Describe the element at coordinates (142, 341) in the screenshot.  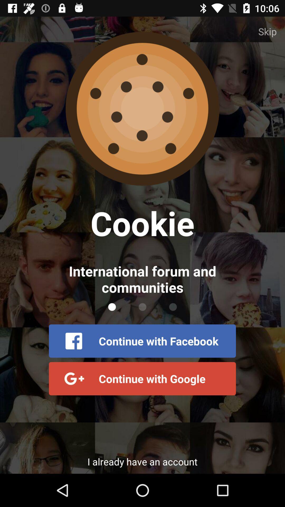
I see `continue with facebook` at that location.